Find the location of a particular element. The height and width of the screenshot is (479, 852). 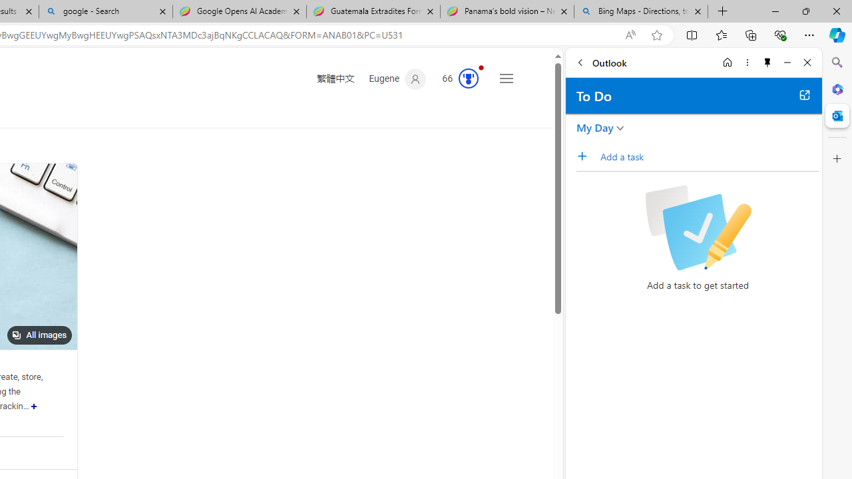

'google - Search' is located at coordinates (105, 11).